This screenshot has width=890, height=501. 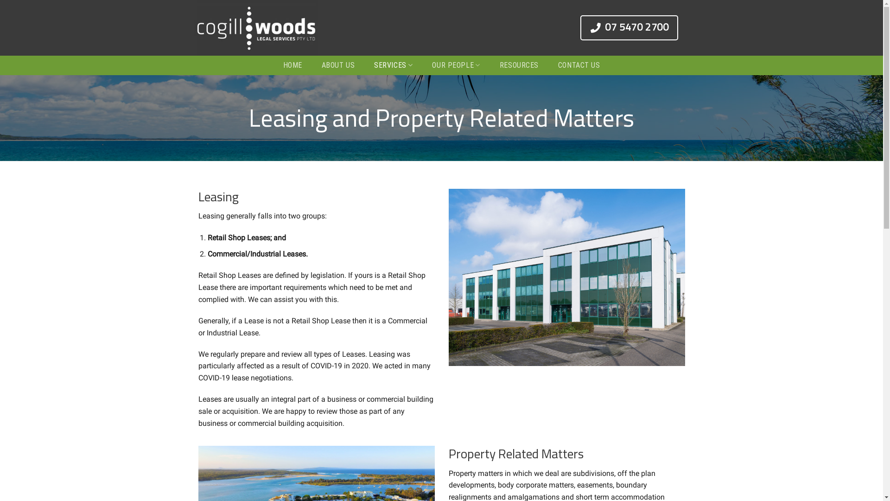 I want to click on 'CONTACT US', so click(x=554, y=65).